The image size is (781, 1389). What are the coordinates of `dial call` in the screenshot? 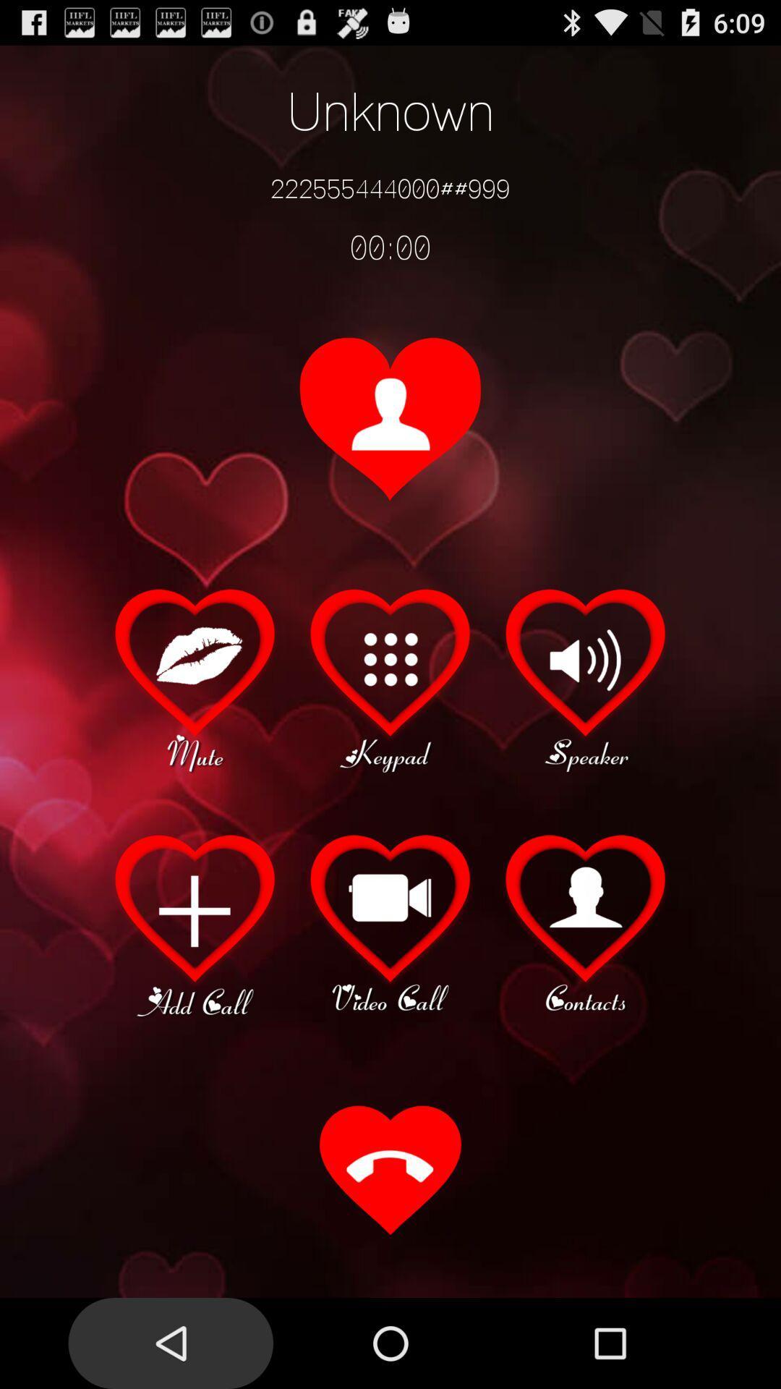 It's located at (390, 1172).